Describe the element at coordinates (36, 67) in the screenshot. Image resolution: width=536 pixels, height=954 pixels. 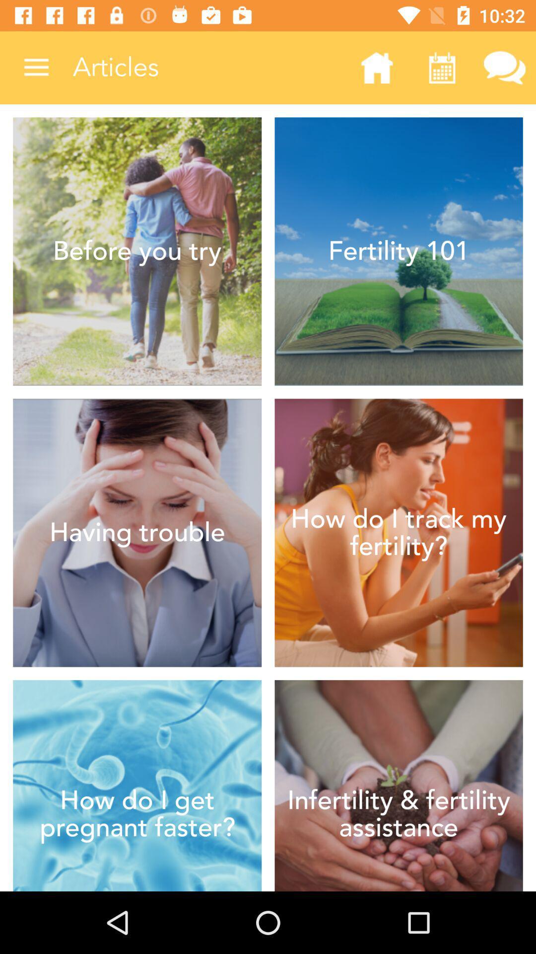
I see `the item next to articles icon` at that location.